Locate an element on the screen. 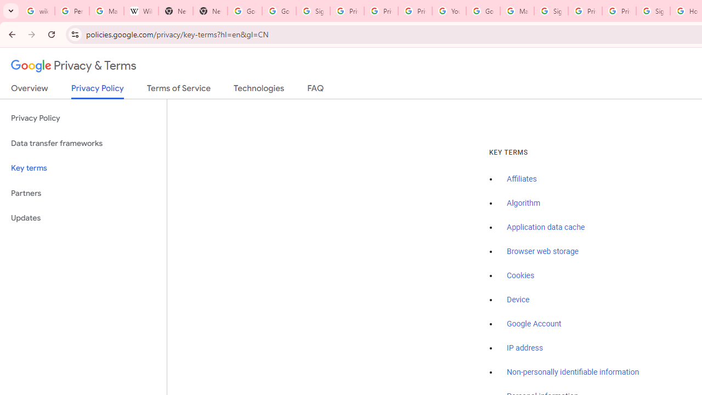  'Partners' is located at coordinates (83, 193).